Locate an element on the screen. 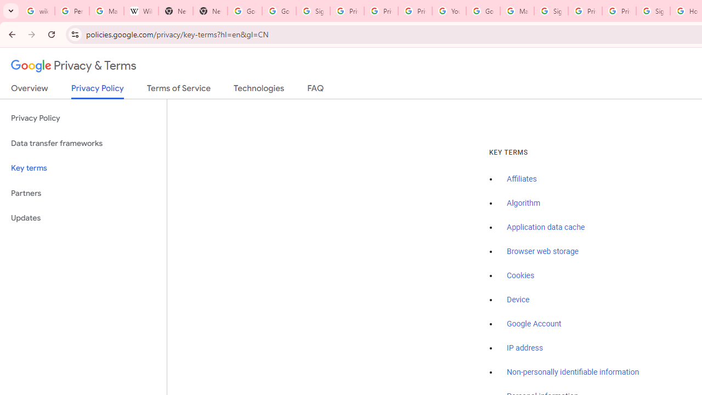  'Partners' is located at coordinates (83, 193).